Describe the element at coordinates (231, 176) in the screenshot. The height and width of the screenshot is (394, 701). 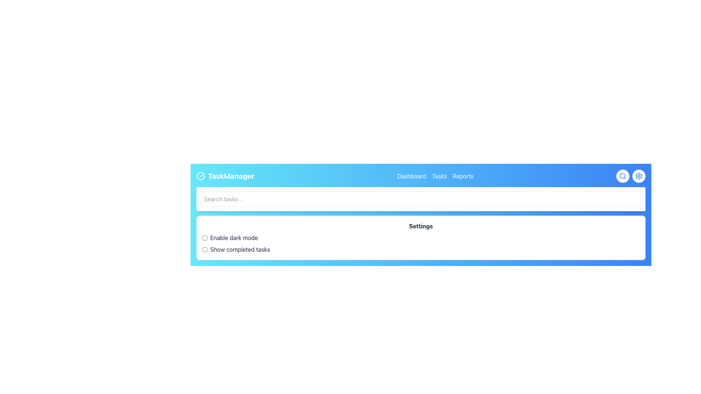
I see `the 'TaskManager' text label, which serves as the branding header for the application, located in the top-left section of the interface` at that location.